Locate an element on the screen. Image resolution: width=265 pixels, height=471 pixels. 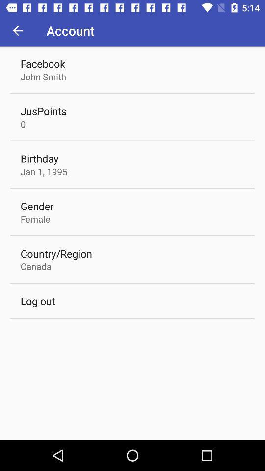
item next to the account is located at coordinates (18, 30).